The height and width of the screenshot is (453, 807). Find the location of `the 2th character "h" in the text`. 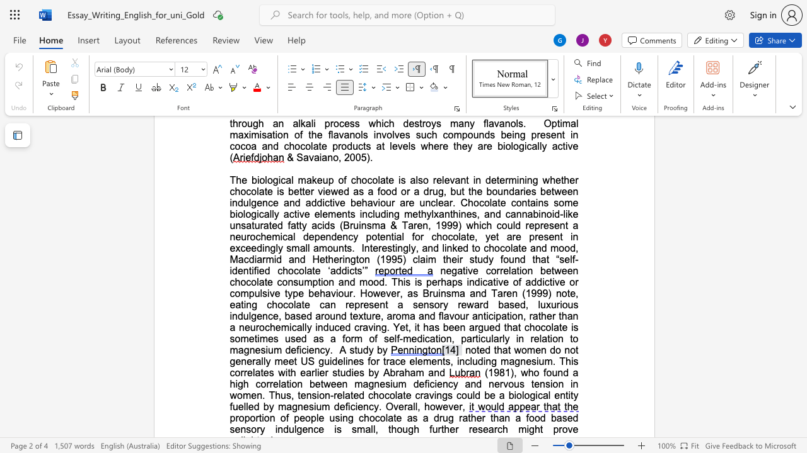

the 2th character "h" in the text is located at coordinates (400, 281).